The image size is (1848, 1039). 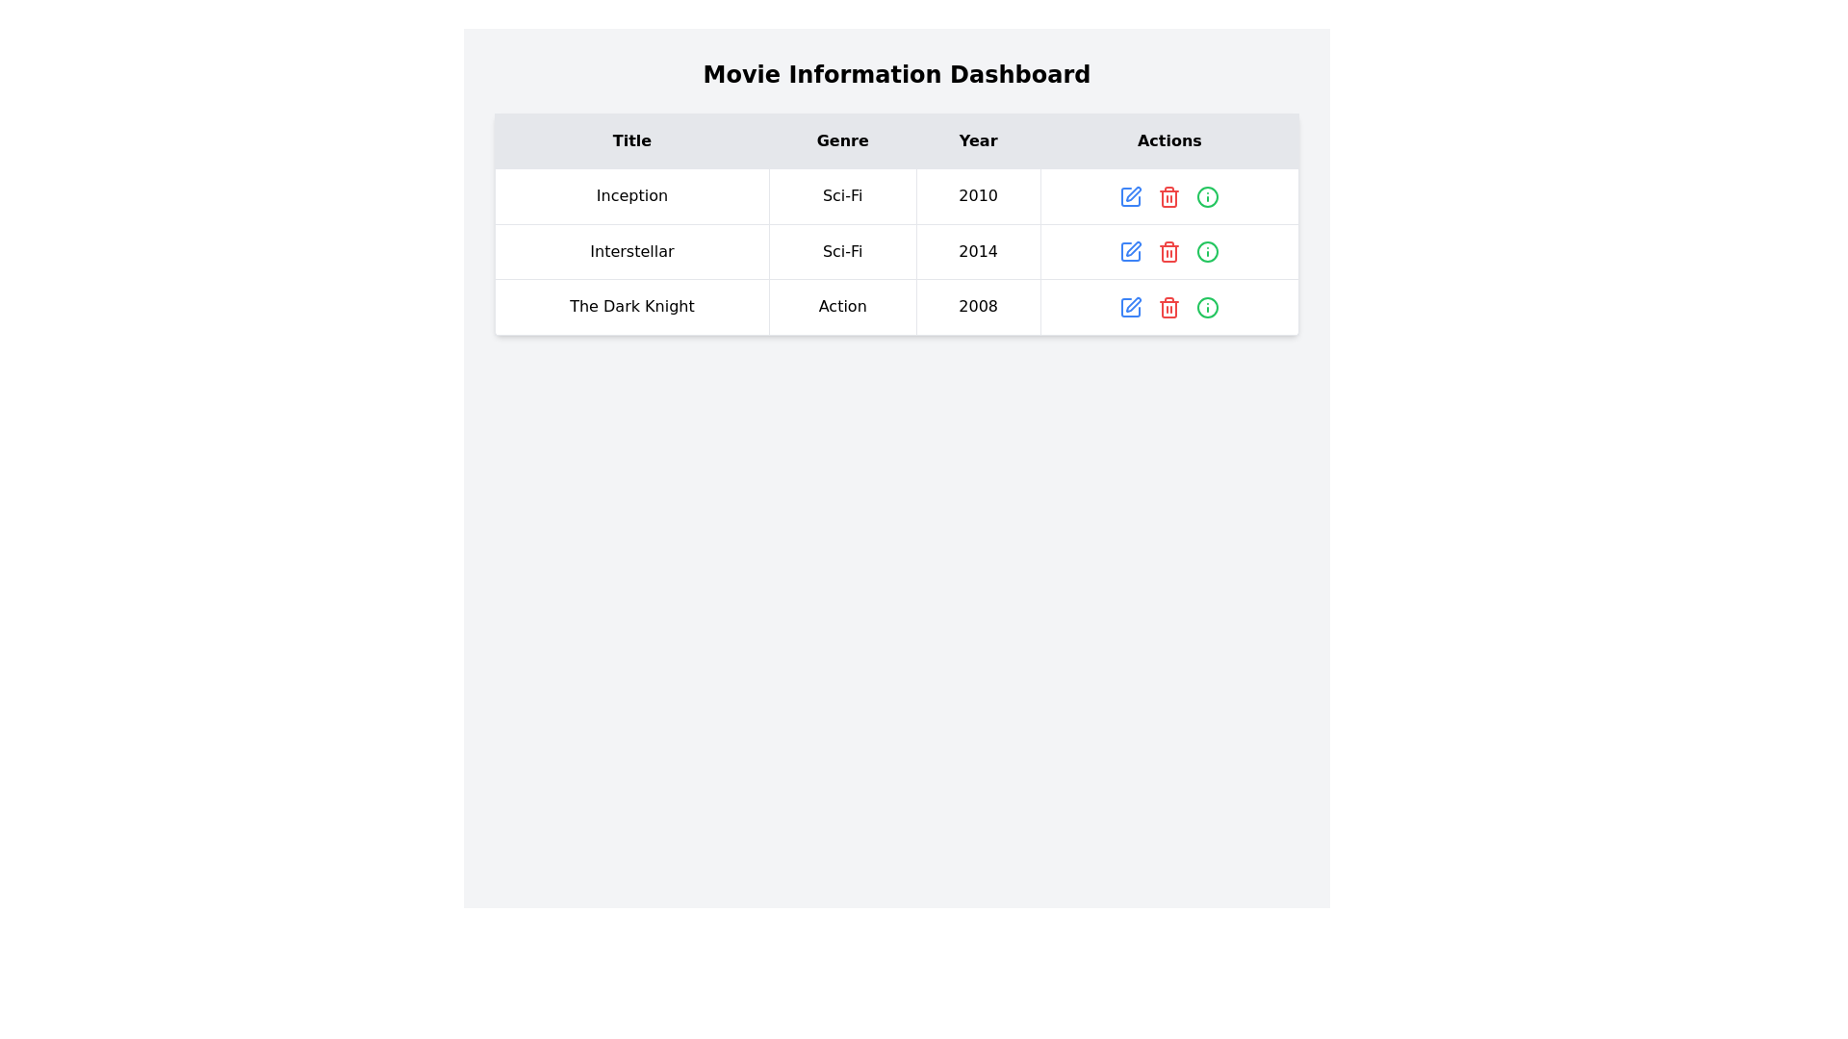 I want to click on the icon button resembling a pen in the 'Actions' column for 'The Dark Knight' movie, so click(x=1131, y=306).